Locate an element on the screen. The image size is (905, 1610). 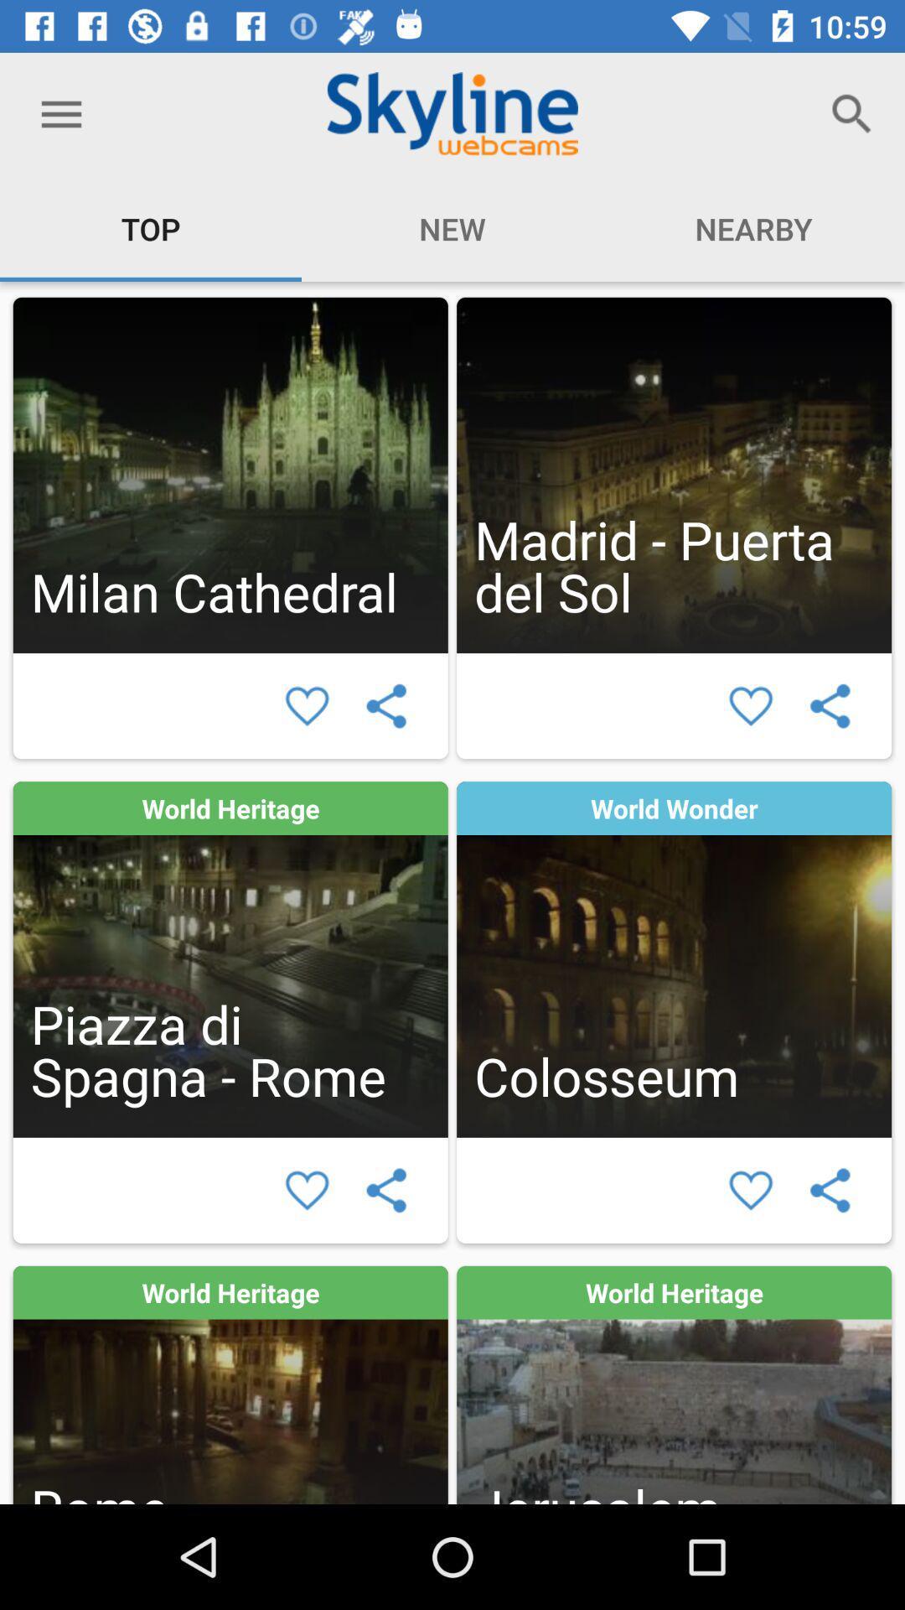
enjoy is located at coordinates (750, 706).